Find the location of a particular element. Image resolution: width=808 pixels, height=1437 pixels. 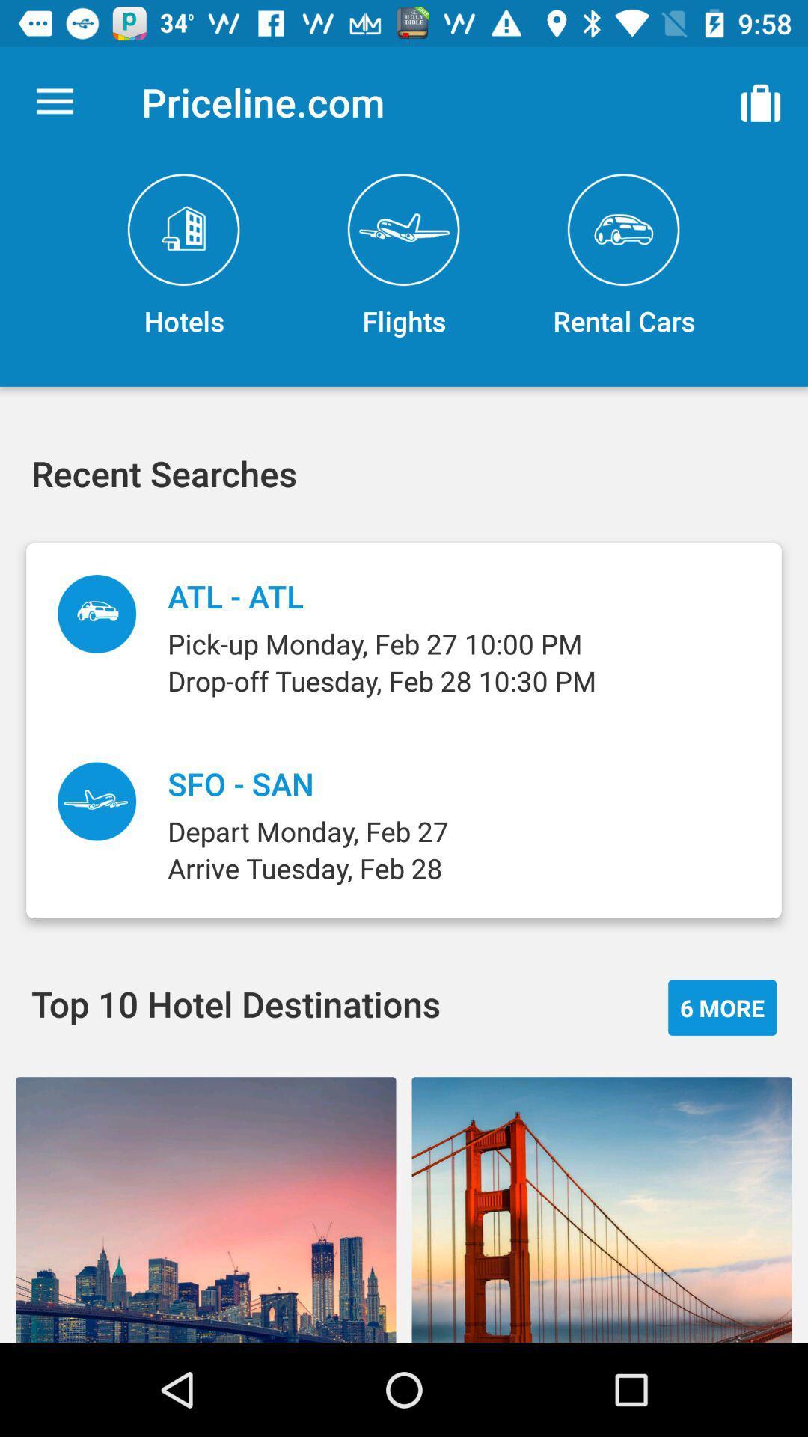

the item to the right of the flights is located at coordinates (761, 101).